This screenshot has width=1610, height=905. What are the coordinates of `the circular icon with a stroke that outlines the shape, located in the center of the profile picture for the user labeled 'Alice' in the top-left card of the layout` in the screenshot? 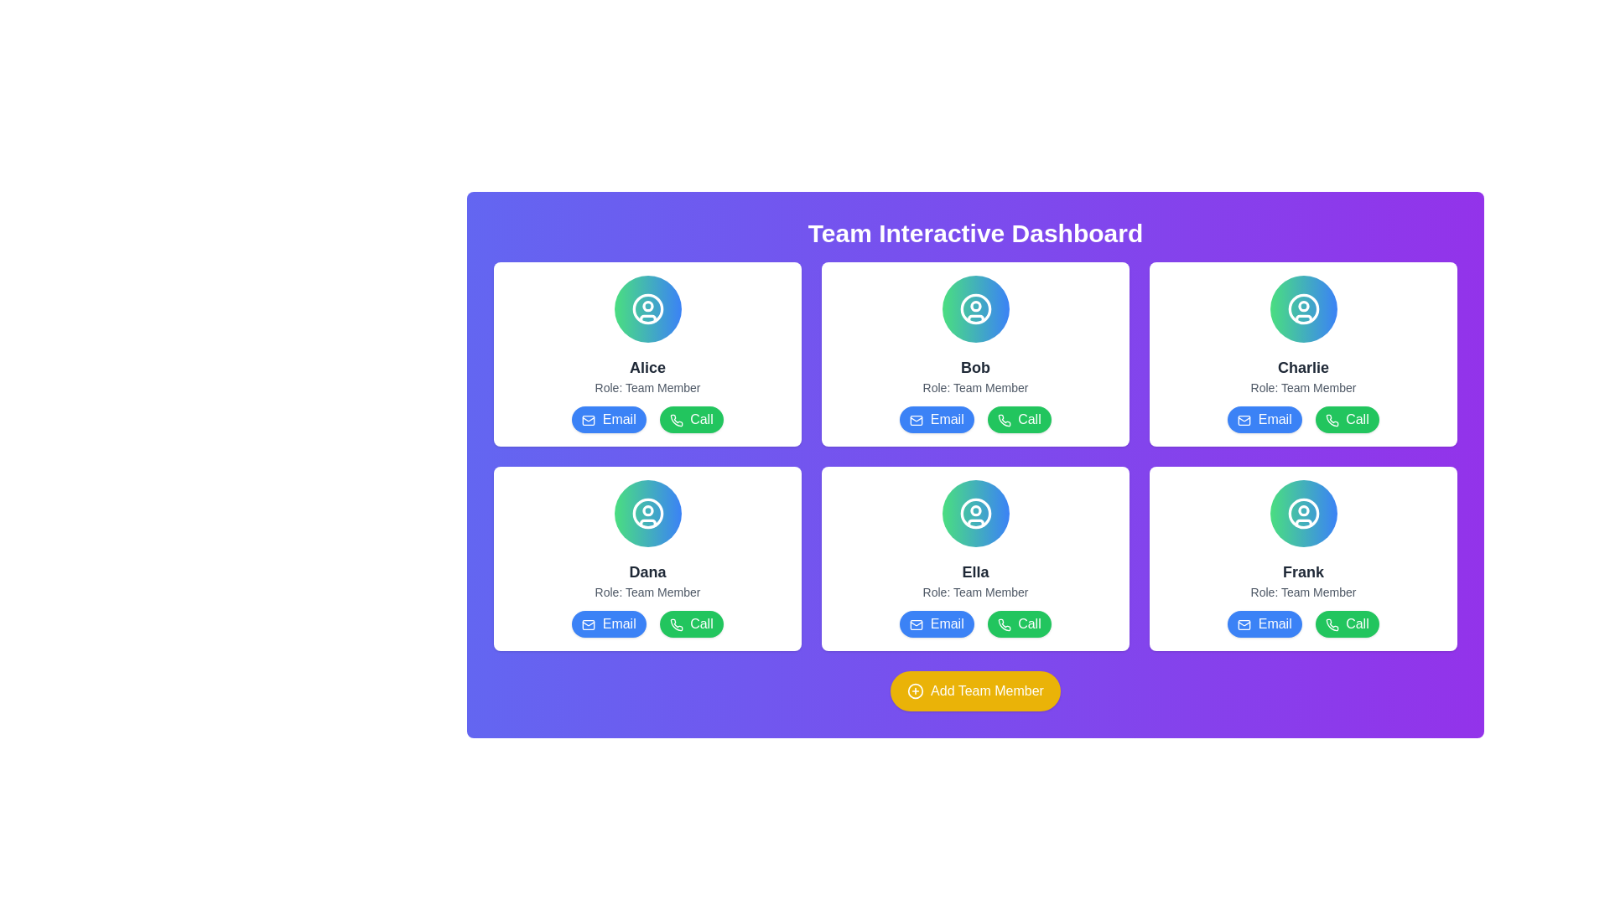 It's located at (647, 309).